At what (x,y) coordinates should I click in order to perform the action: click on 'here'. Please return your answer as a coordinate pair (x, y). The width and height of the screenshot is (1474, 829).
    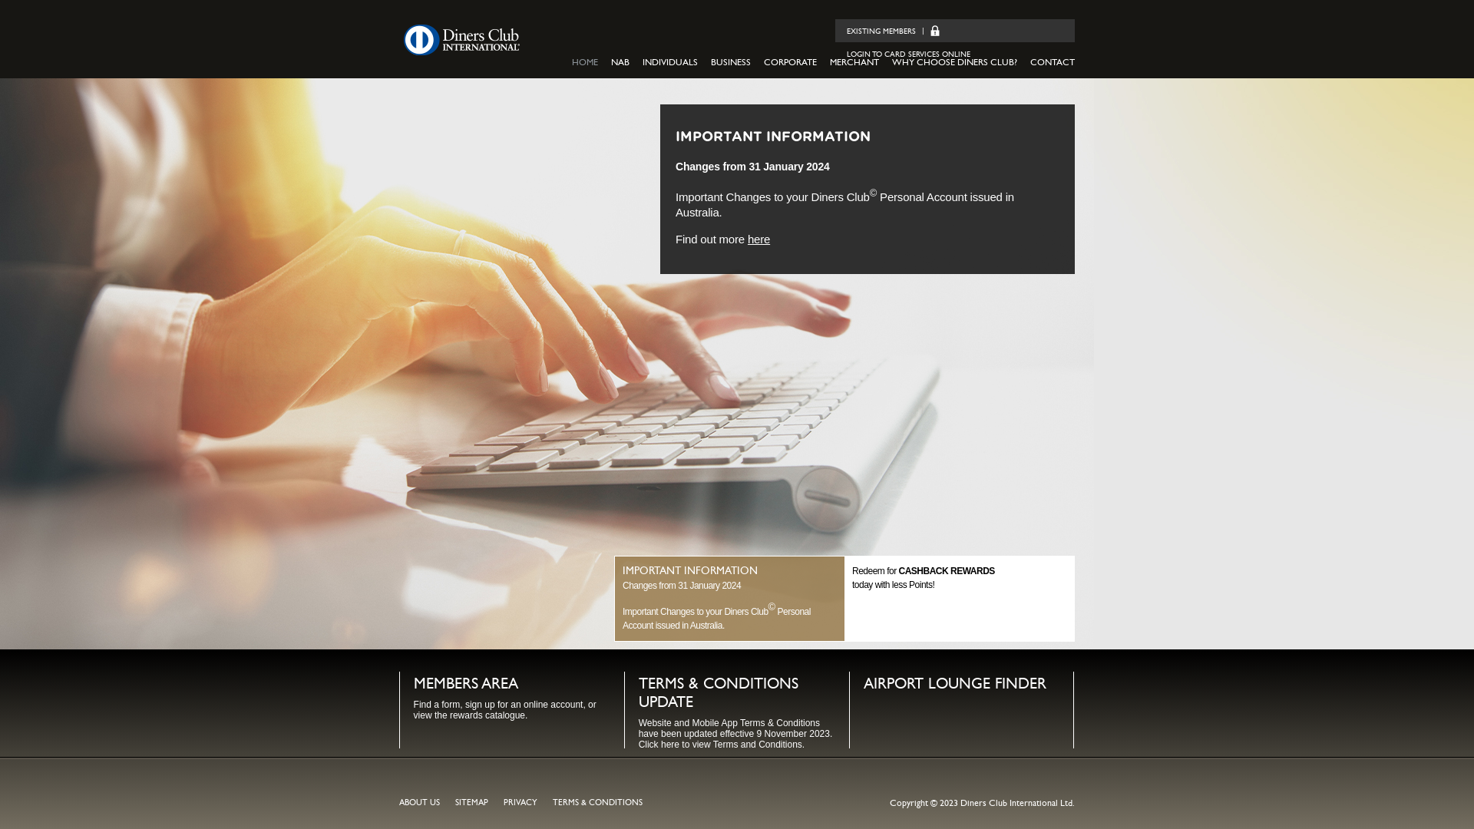
    Looking at the image, I should click on (758, 239).